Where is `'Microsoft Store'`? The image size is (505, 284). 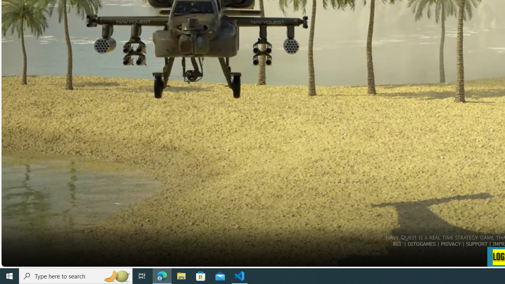 'Microsoft Store' is located at coordinates (201, 275).